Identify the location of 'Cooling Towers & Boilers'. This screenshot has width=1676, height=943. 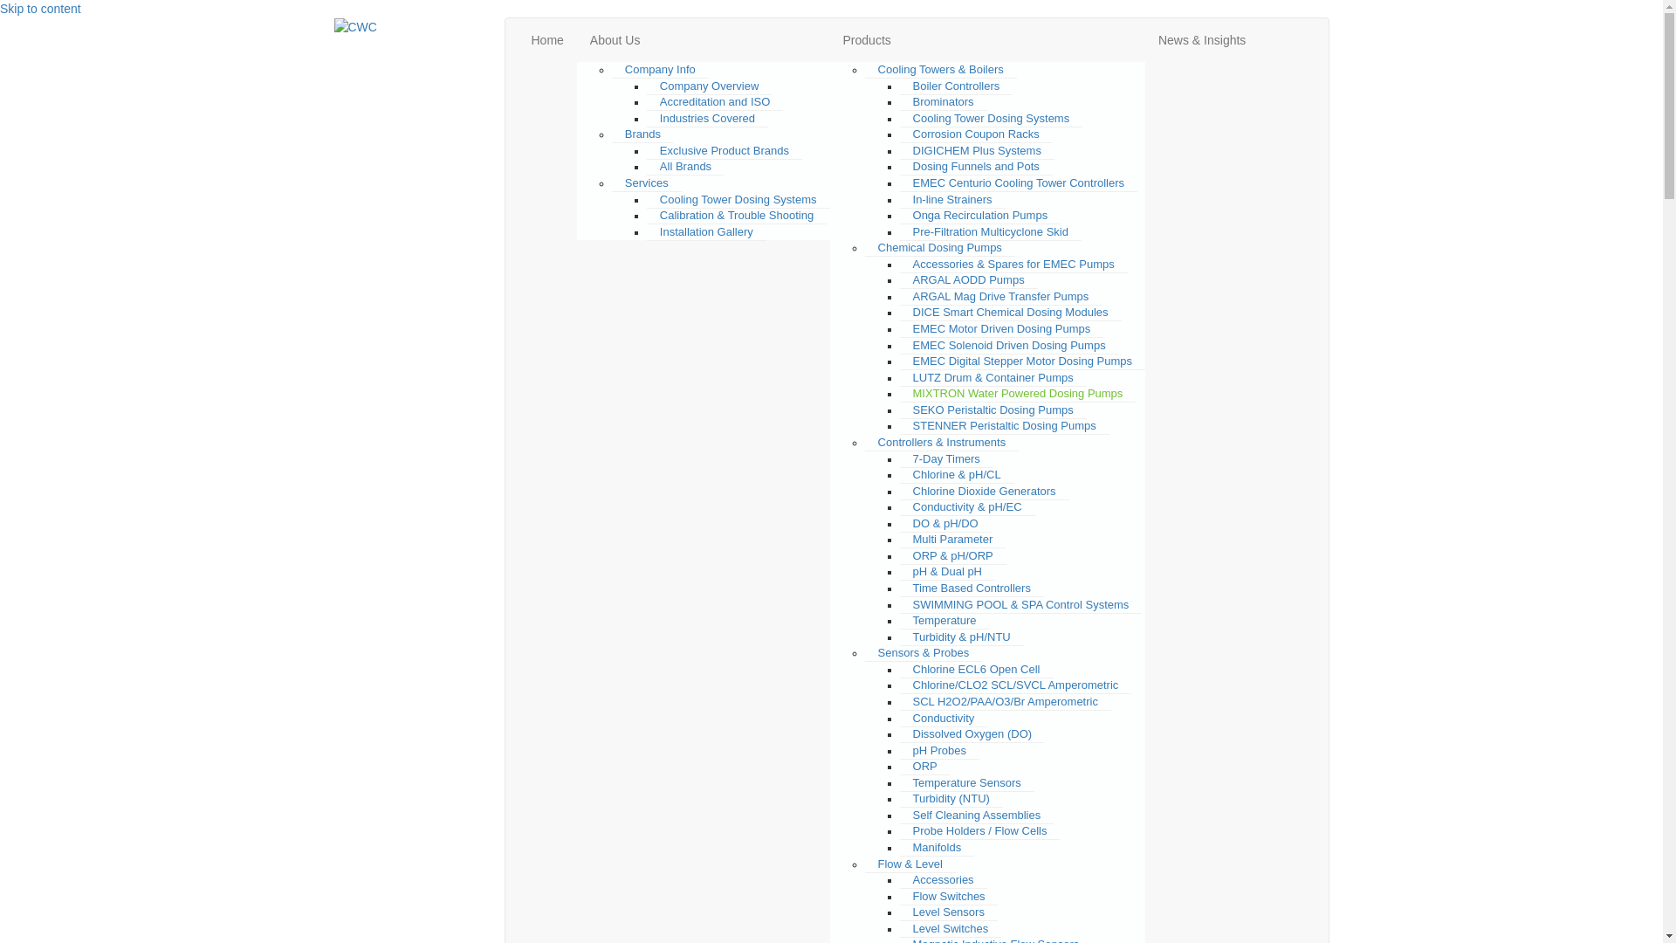
(864, 69).